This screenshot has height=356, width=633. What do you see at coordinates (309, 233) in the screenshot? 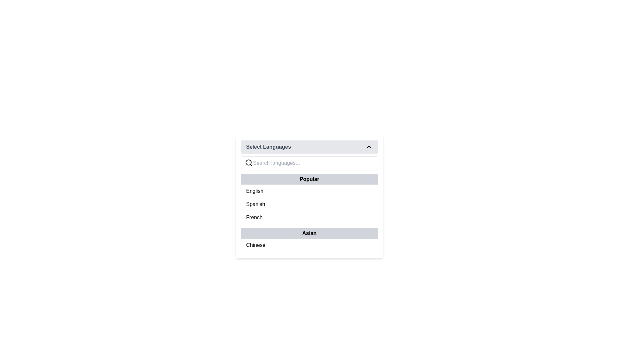
I see `the label or static text component that indicates a section for related items, located in the upper area of the dropdown menu beneath the heading 'Popular.'` at bounding box center [309, 233].